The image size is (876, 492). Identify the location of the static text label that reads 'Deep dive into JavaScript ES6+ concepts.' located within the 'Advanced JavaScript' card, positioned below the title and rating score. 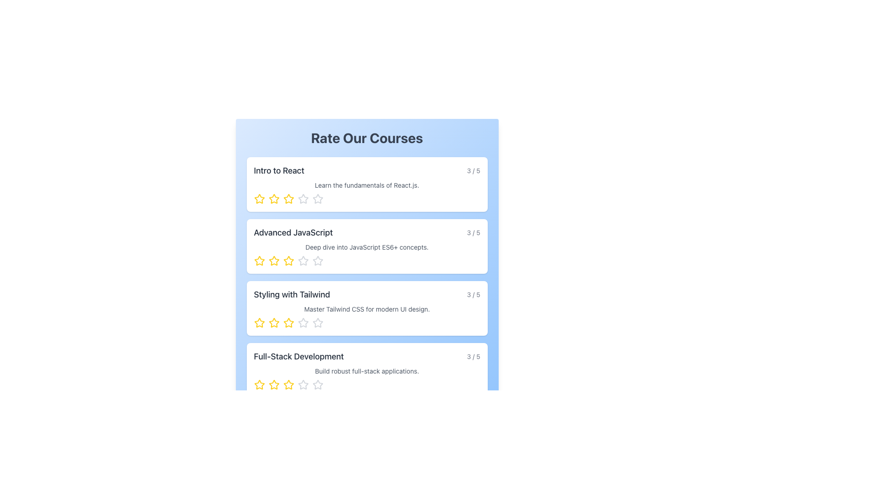
(367, 247).